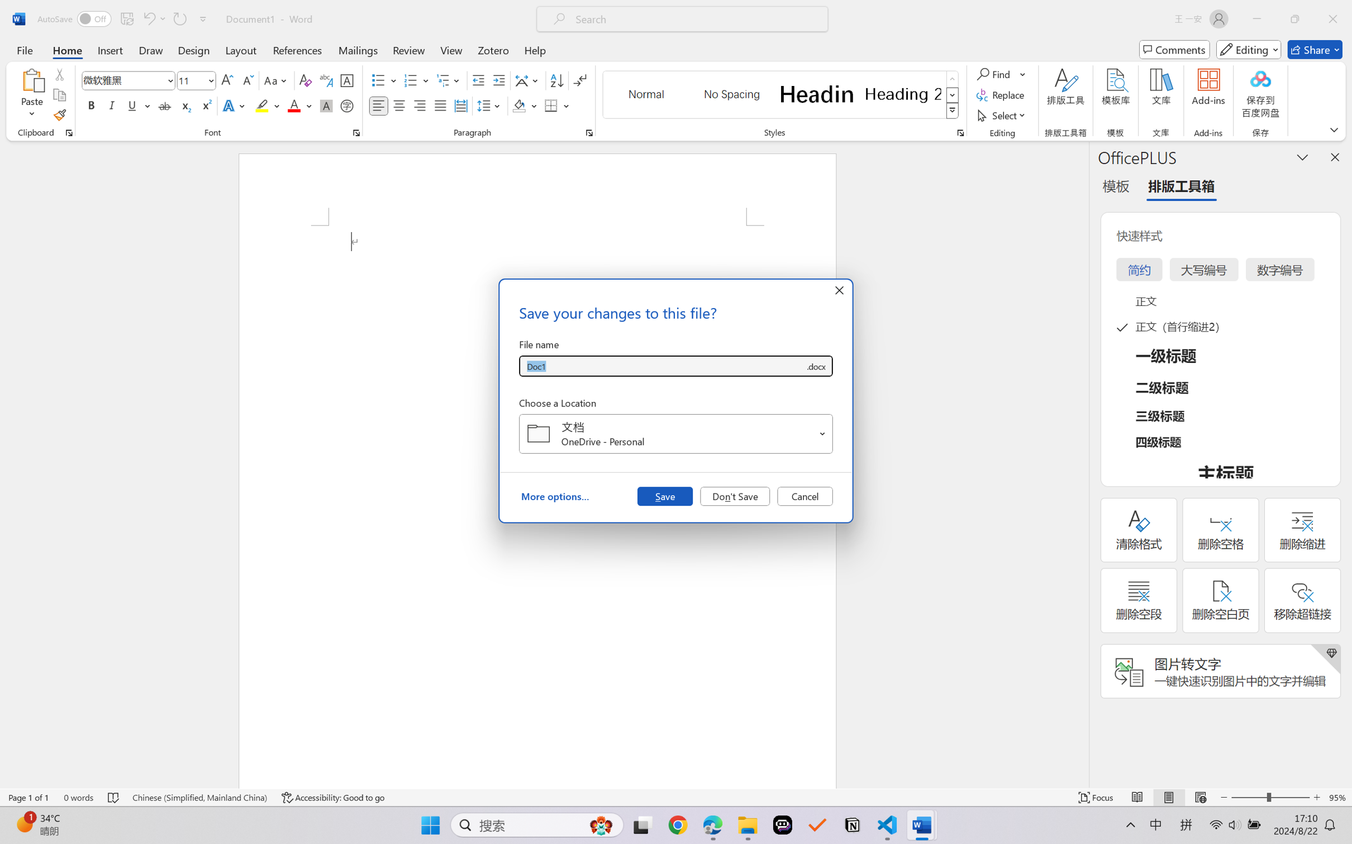  I want to click on 'Microsoft search', so click(696, 18).